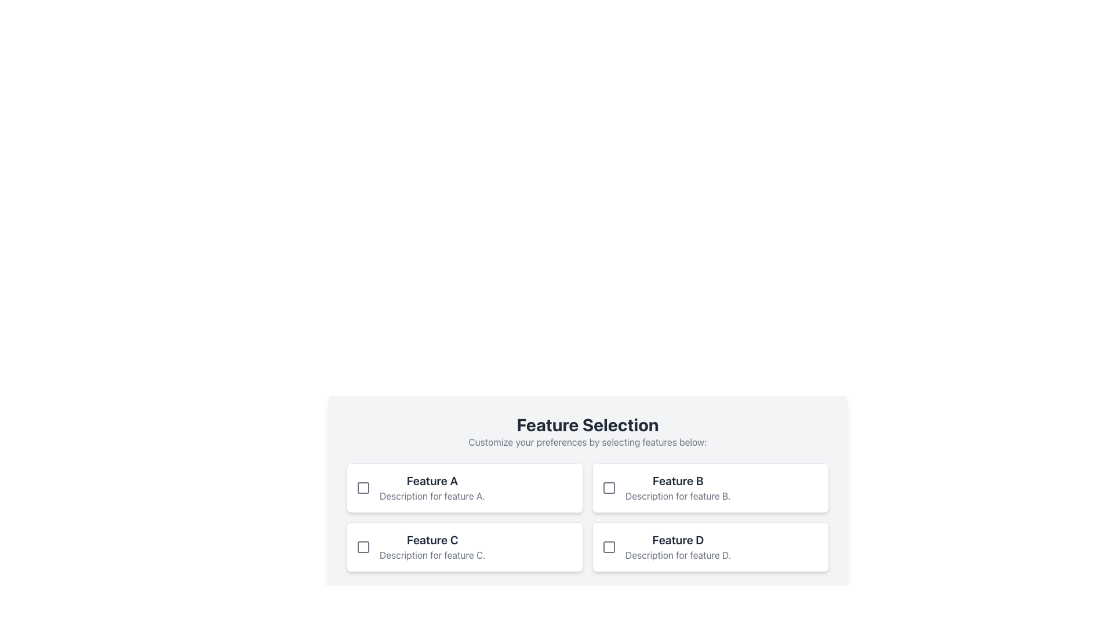  Describe the element at coordinates (363, 487) in the screenshot. I see `the checkbox for 'Feature A'` at that location.